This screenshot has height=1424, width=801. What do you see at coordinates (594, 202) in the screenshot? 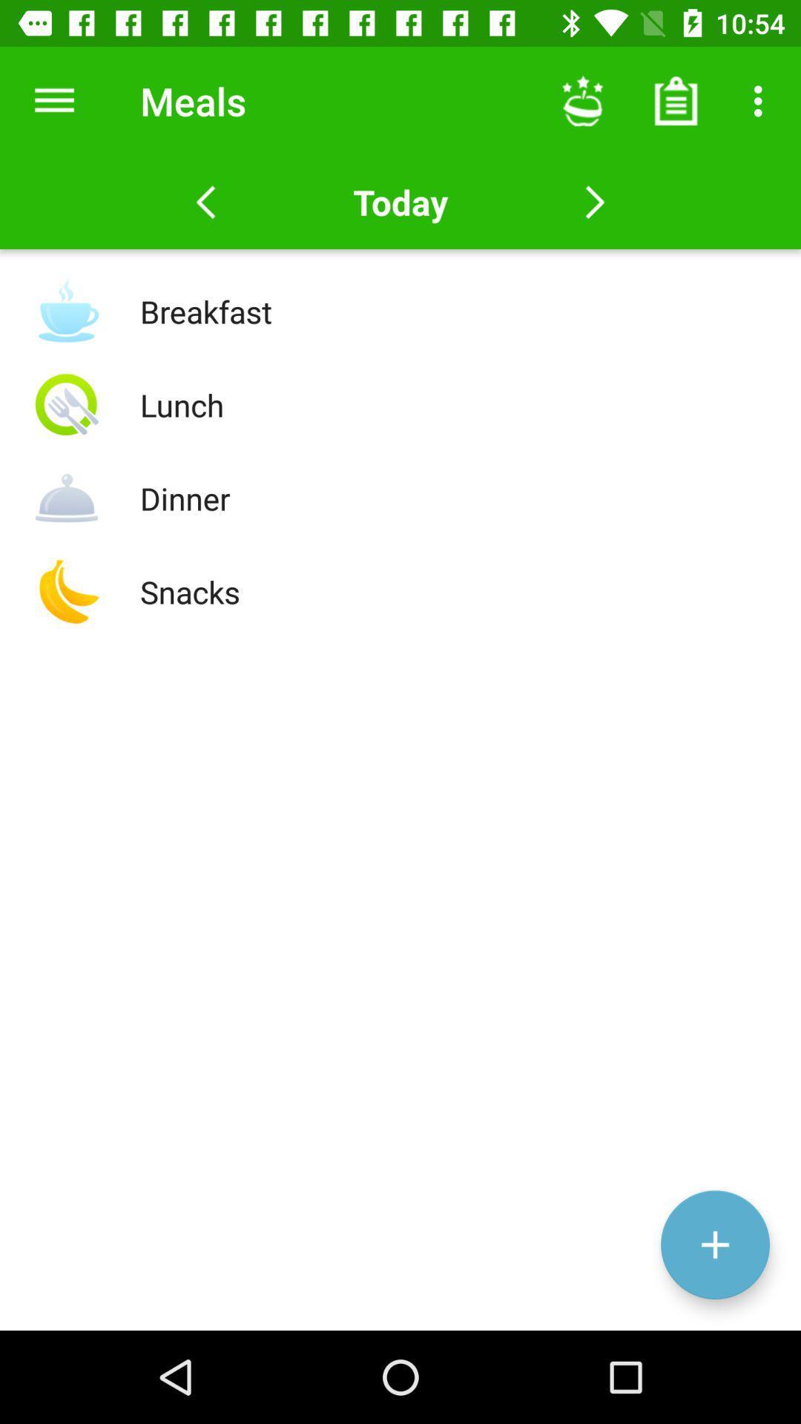
I see `the arrow_forward icon` at bounding box center [594, 202].